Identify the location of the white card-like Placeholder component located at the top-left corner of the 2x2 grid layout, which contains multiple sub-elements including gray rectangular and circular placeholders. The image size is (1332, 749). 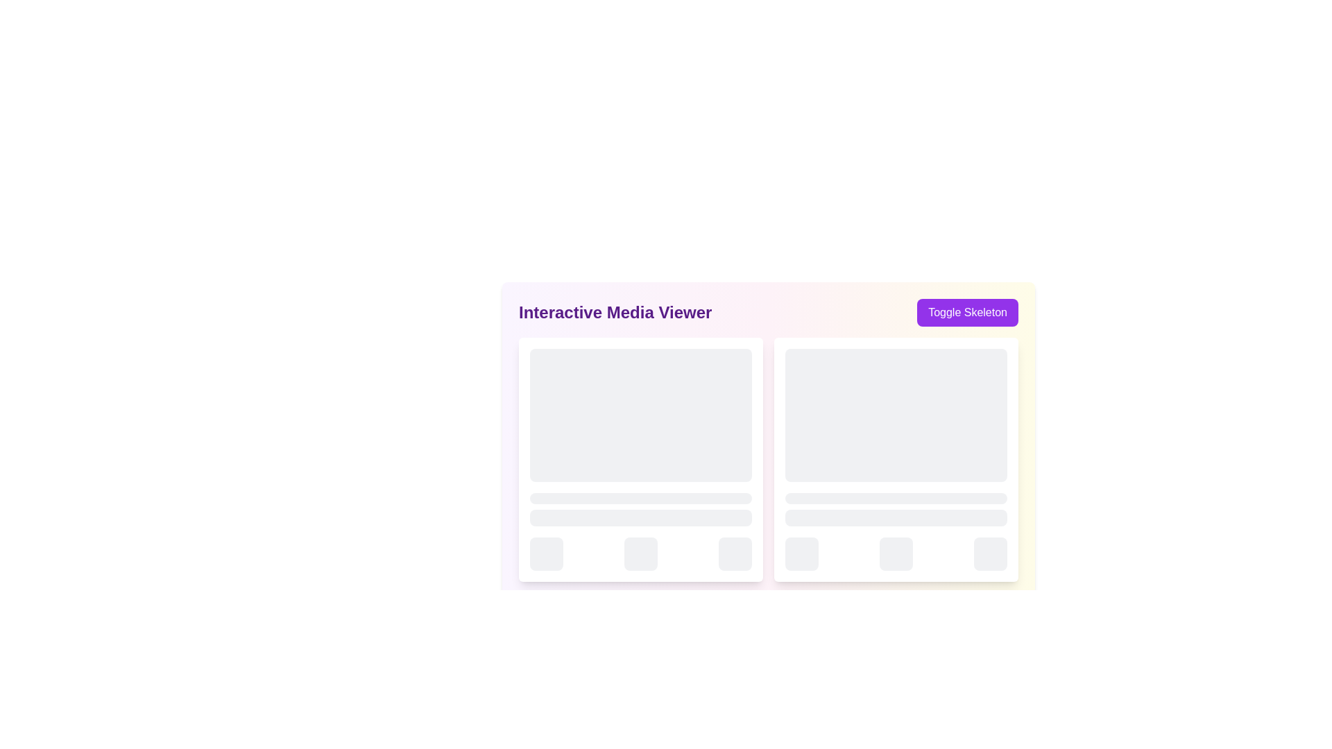
(640, 460).